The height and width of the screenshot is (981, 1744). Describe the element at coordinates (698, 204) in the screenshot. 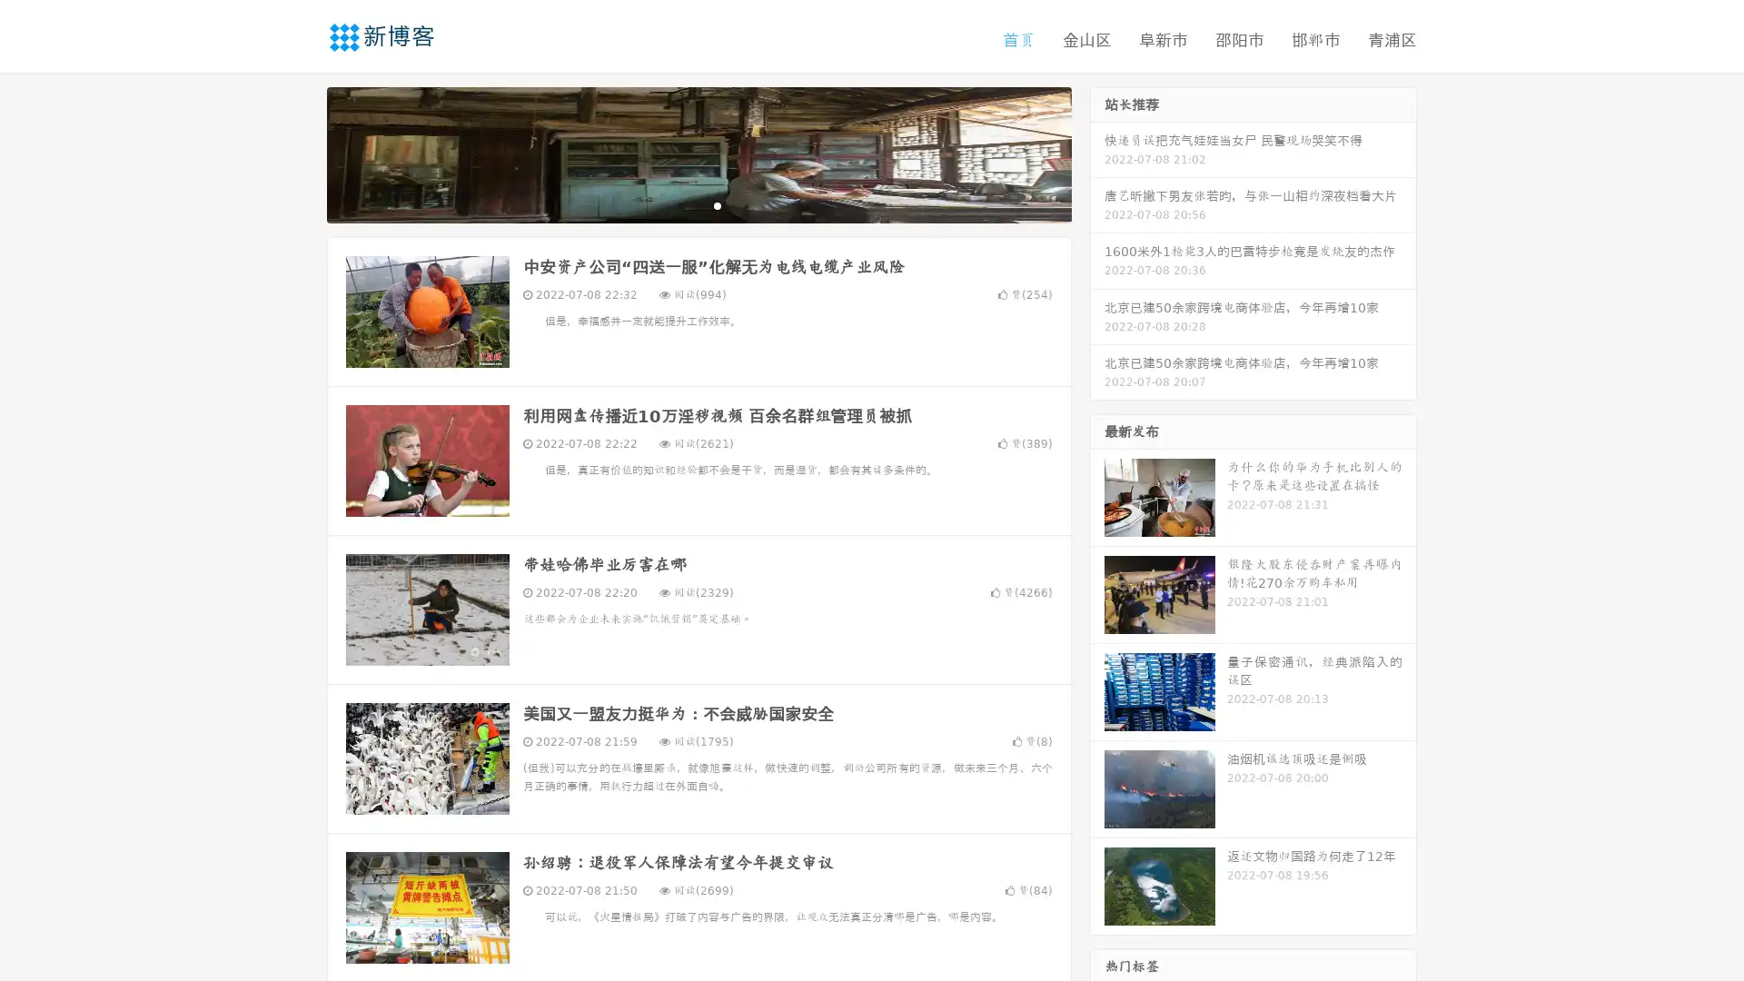

I see `Go to slide 2` at that location.